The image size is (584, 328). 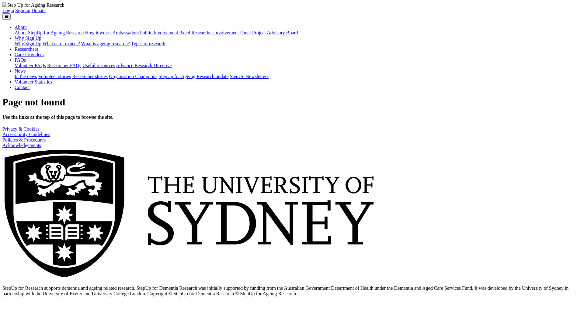 I want to click on 'Researcher FAQs', so click(x=64, y=65).